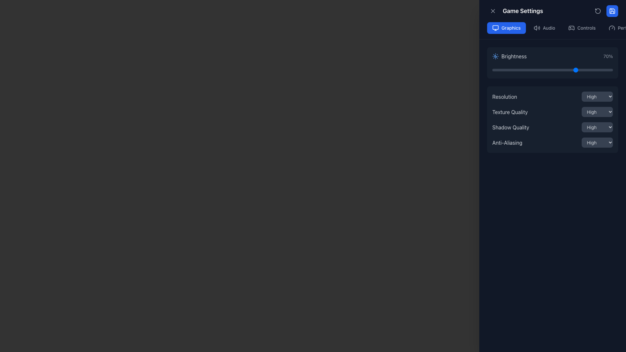  What do you see at coordinates (571, 27) in the screenshot?
I see `the Controls icon (SVG) located in the navigation menu` at bounding box center [571, 27].